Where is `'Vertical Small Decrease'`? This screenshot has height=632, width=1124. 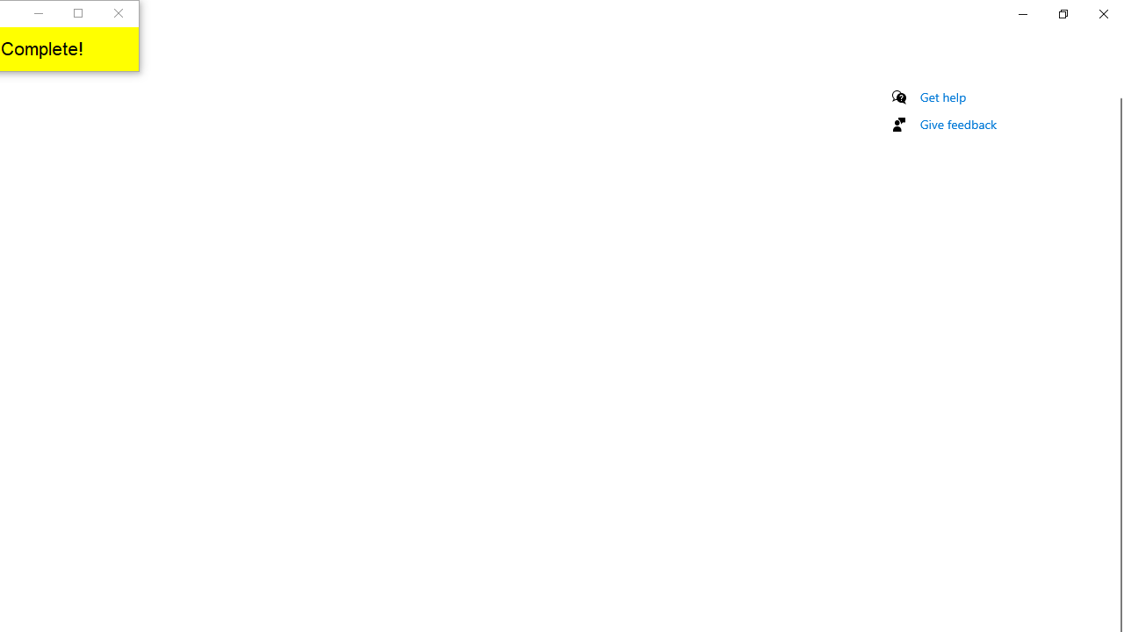
'Vertical Small Decrease' is located at coordinates (1116, 91).